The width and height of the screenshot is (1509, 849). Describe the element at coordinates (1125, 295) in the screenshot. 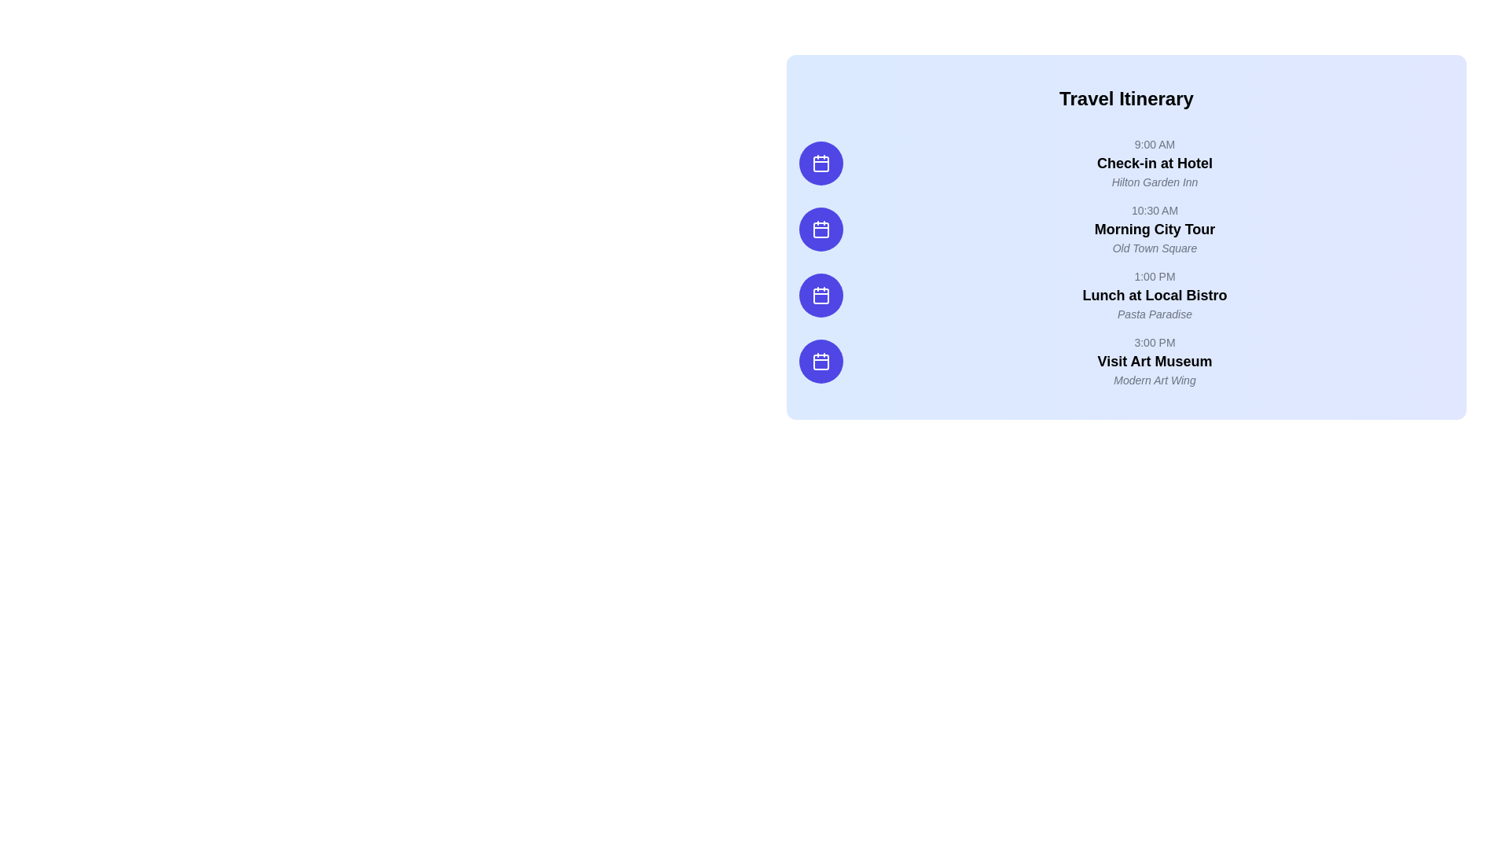

I see `the timeline entry for 'Lunch at Local Bistro' to learn more about the event scheduled at 1:00 PM, which is the third entry in the vertical timeline list` at that location.